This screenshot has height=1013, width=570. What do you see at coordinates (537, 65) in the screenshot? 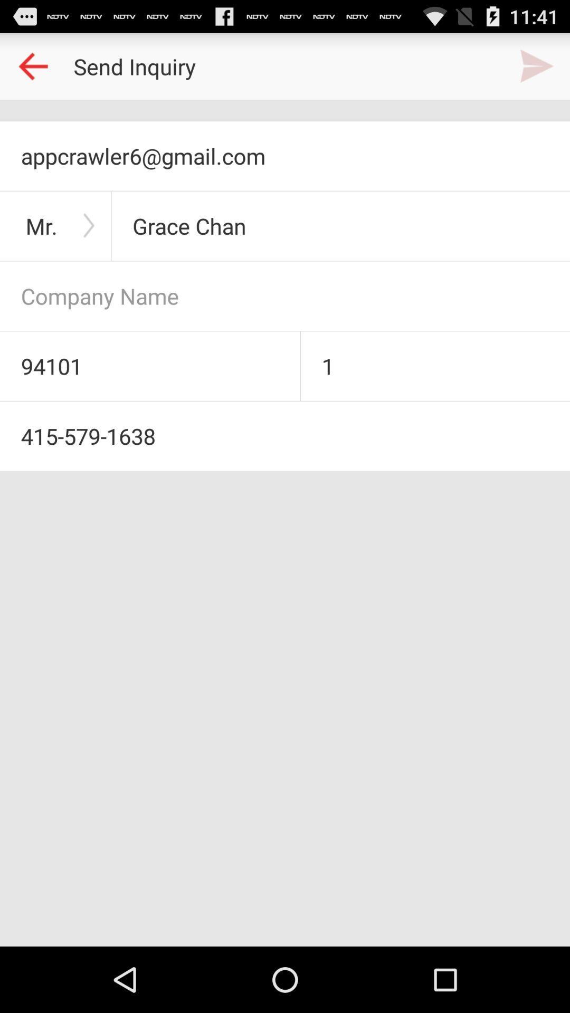
I see `send inquiry` at bounding box center [537, 65].